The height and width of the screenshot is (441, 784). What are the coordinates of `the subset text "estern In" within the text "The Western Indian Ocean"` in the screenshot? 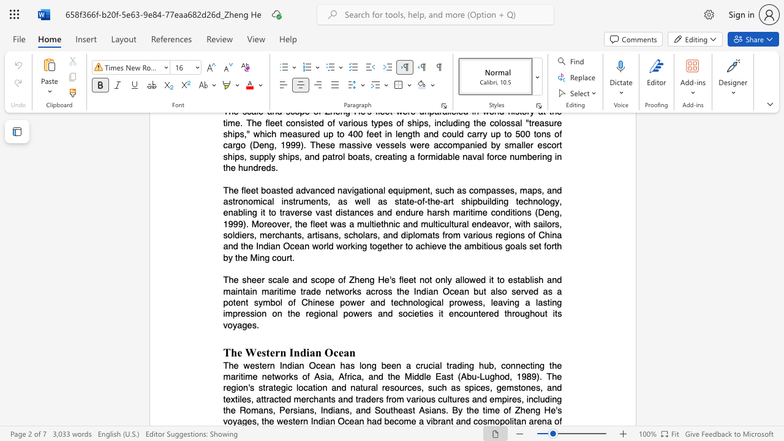 It's located at (255, 352).